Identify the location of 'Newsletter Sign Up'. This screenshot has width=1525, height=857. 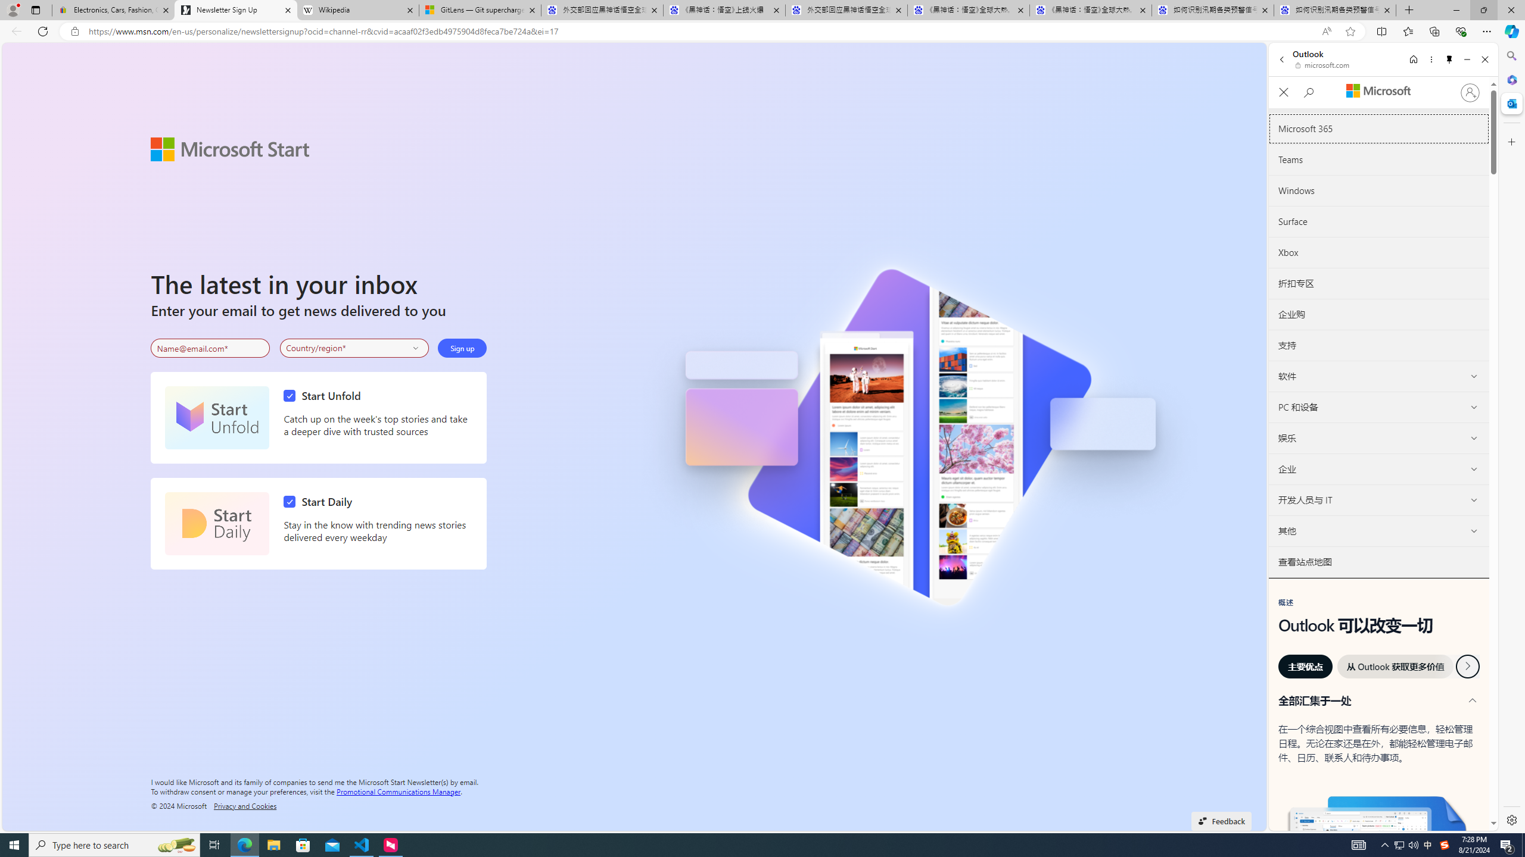
(235, 10).